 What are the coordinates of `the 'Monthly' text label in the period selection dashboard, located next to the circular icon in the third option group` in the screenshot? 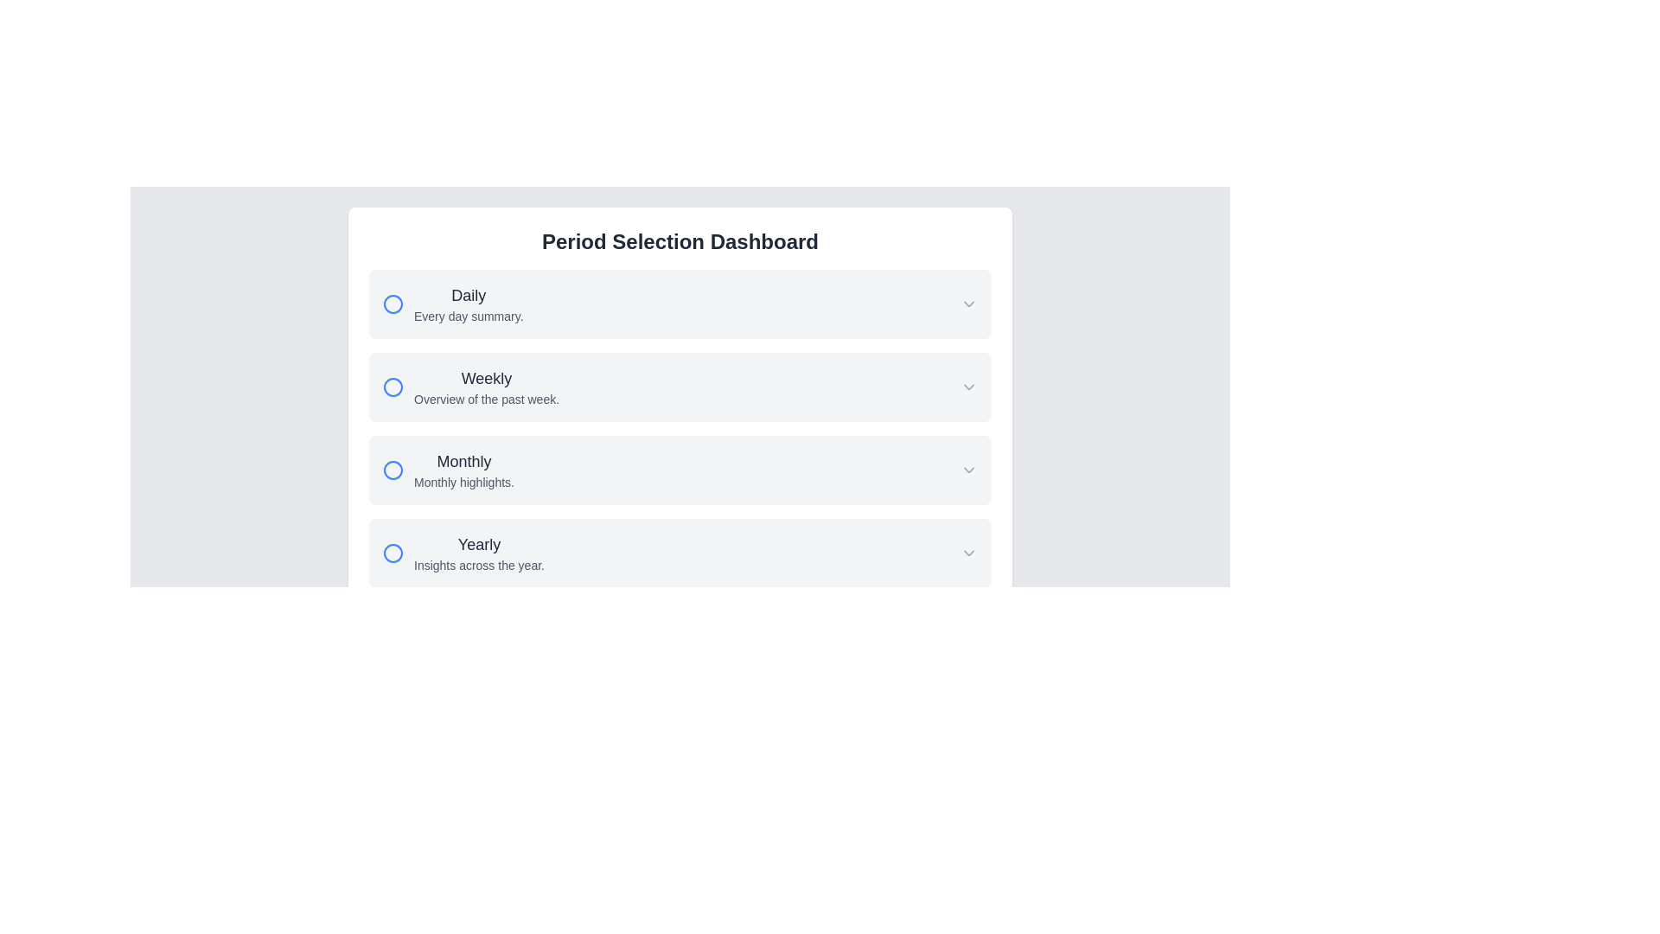 It's located at (448, 470).